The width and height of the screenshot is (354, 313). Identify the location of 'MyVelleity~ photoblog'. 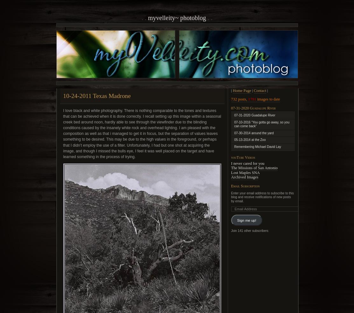
(177, 17).